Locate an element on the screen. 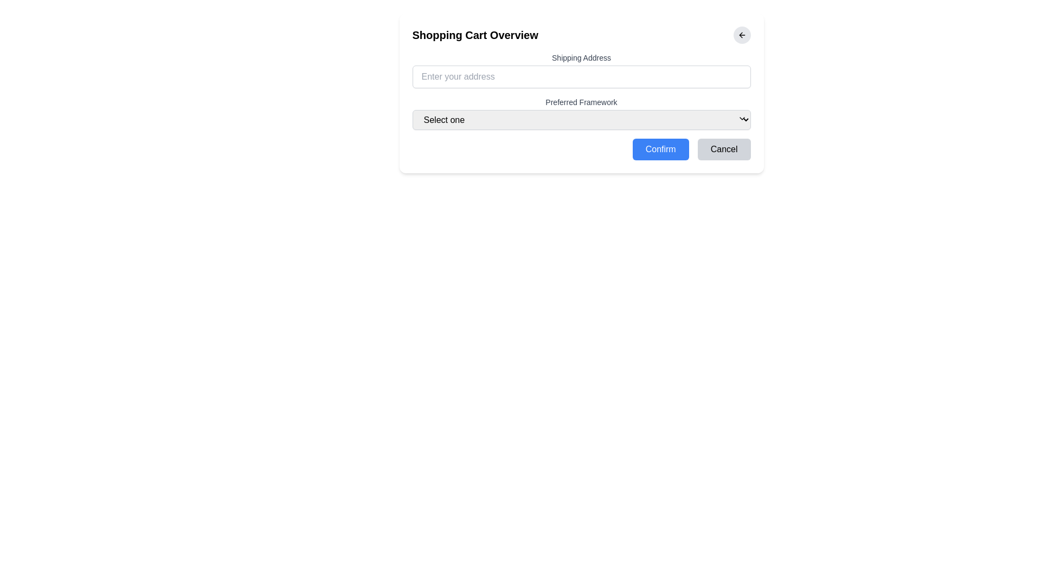 The width and height of the screenshot is (1041, 585). the 'Preferred Framework' dropdown menu by tabbing to the field is located at coordinates (581, 120).